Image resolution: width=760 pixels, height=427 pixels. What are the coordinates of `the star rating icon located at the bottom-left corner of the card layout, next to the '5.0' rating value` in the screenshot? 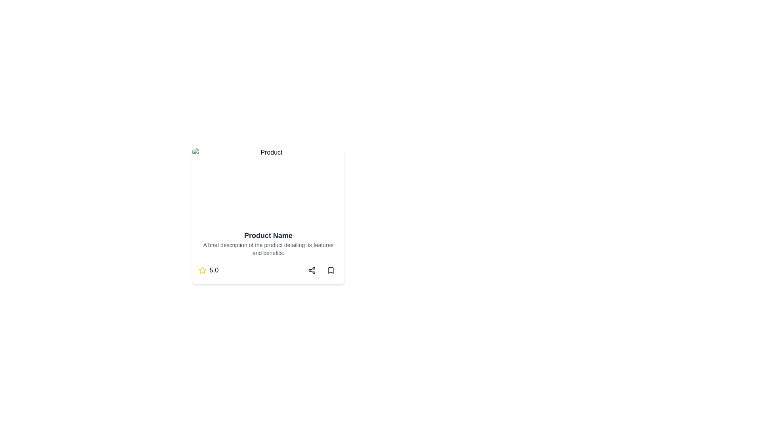 It's located at (203, 270).